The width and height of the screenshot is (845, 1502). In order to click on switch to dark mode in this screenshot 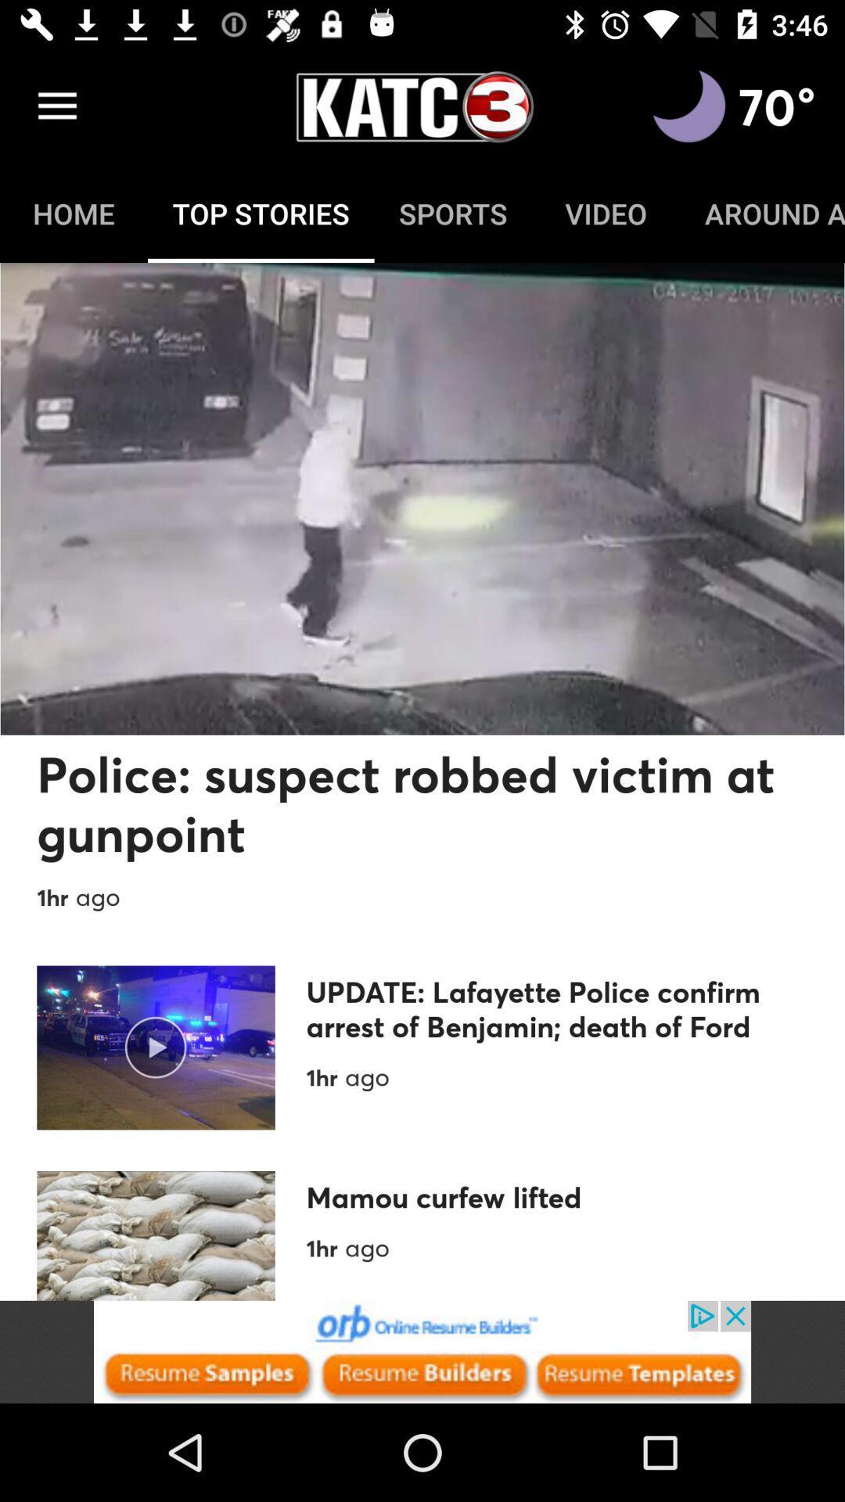, I will do `click(689, 106)`.